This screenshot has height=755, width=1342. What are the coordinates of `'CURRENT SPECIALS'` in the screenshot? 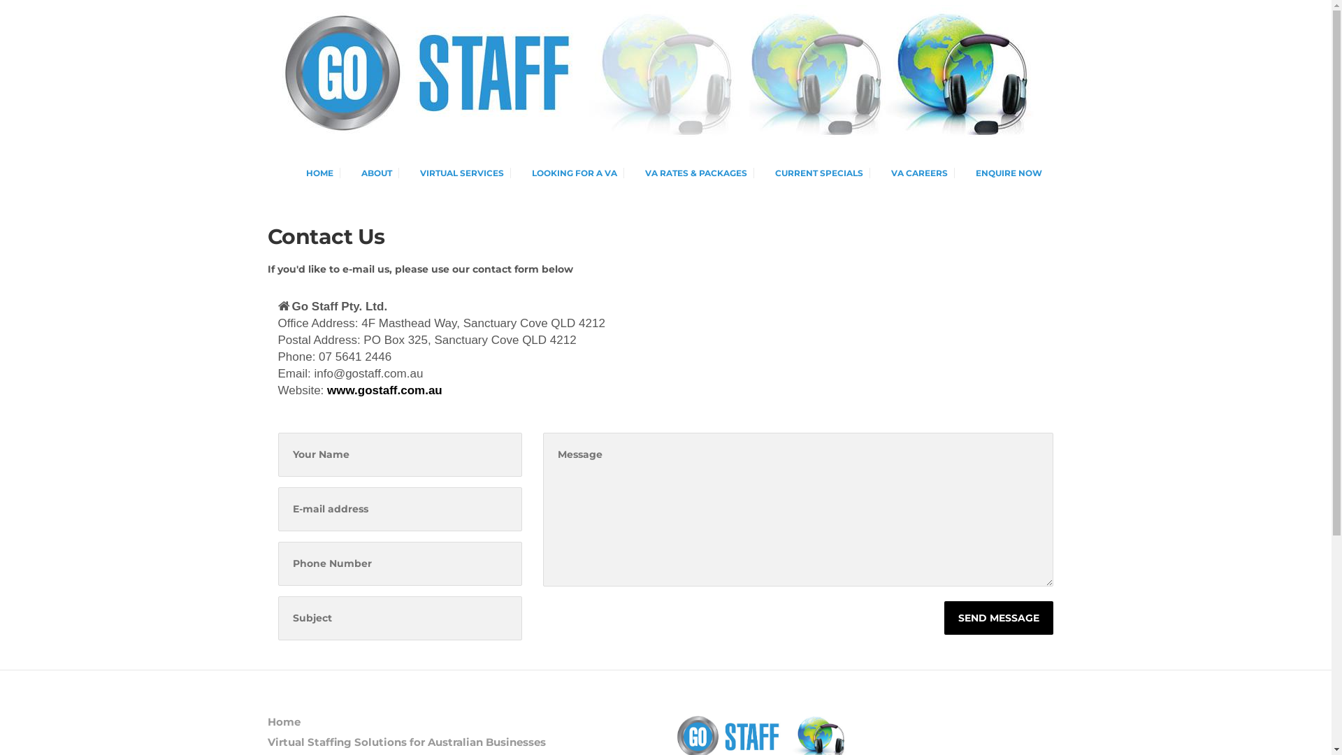 It's located at (811, 172).